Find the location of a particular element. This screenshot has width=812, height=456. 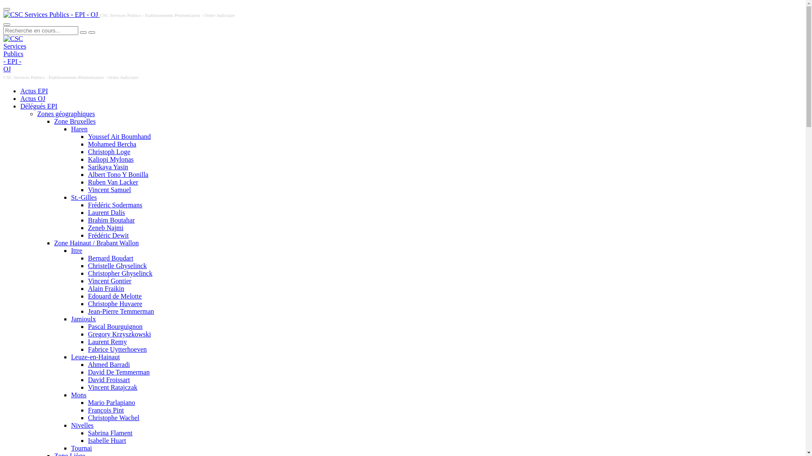

'Albert Tono Y Bonilla' is located at coordinates (118, 174).